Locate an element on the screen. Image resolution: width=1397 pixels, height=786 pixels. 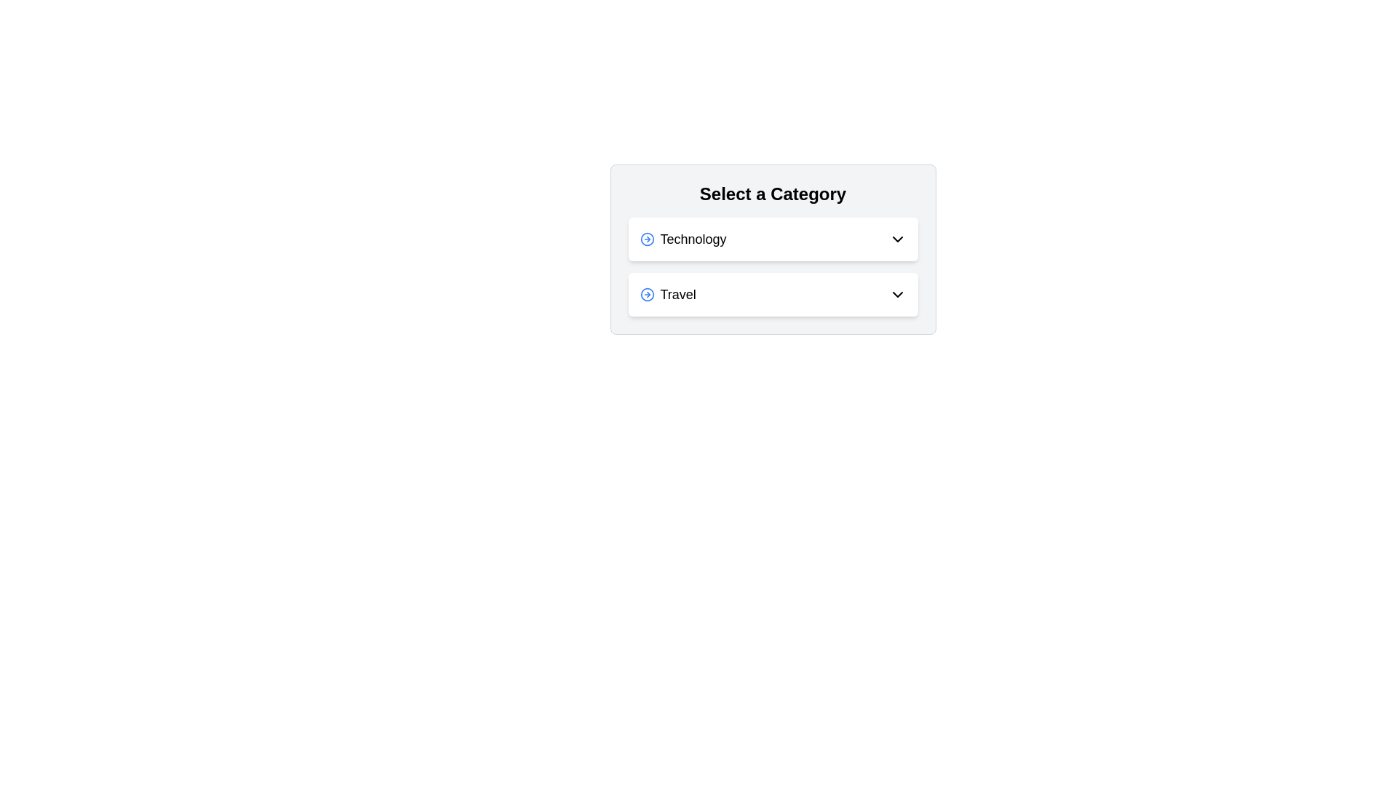
the circular arrow icon with a rightward pointing arrow inside a blue circle, located to the left of the text 'Travel' is located at coordinates (646, 295).